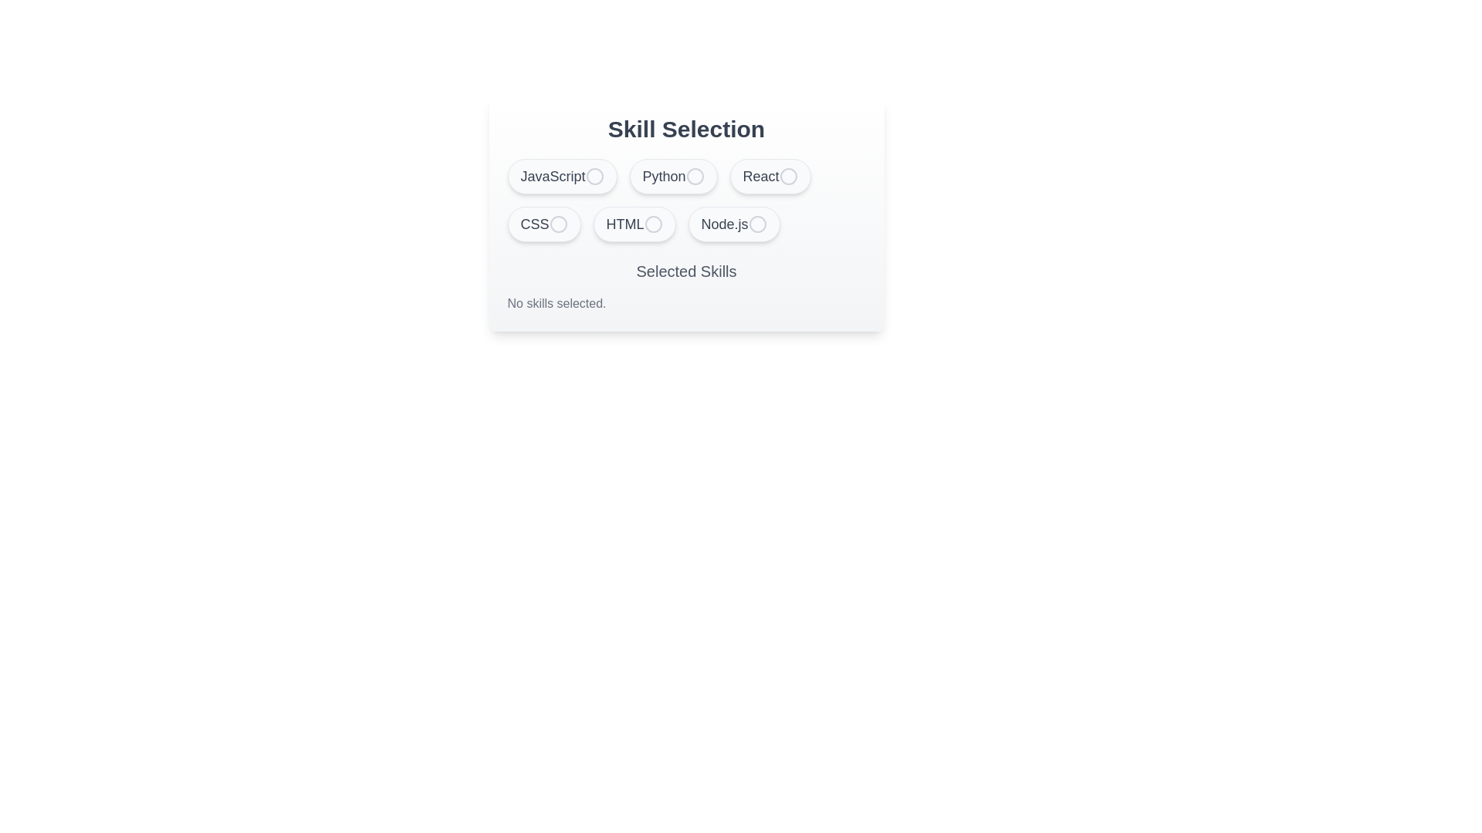 The image size is (1482, 833). What do you see at coordinates (653, 224) in the screenshot?
I see `the unselected state icon (circle) located to the right of the 'HTML' text label within the button-like group in the 'Skill Selection' interface panel` at bounding box center [653, 224].